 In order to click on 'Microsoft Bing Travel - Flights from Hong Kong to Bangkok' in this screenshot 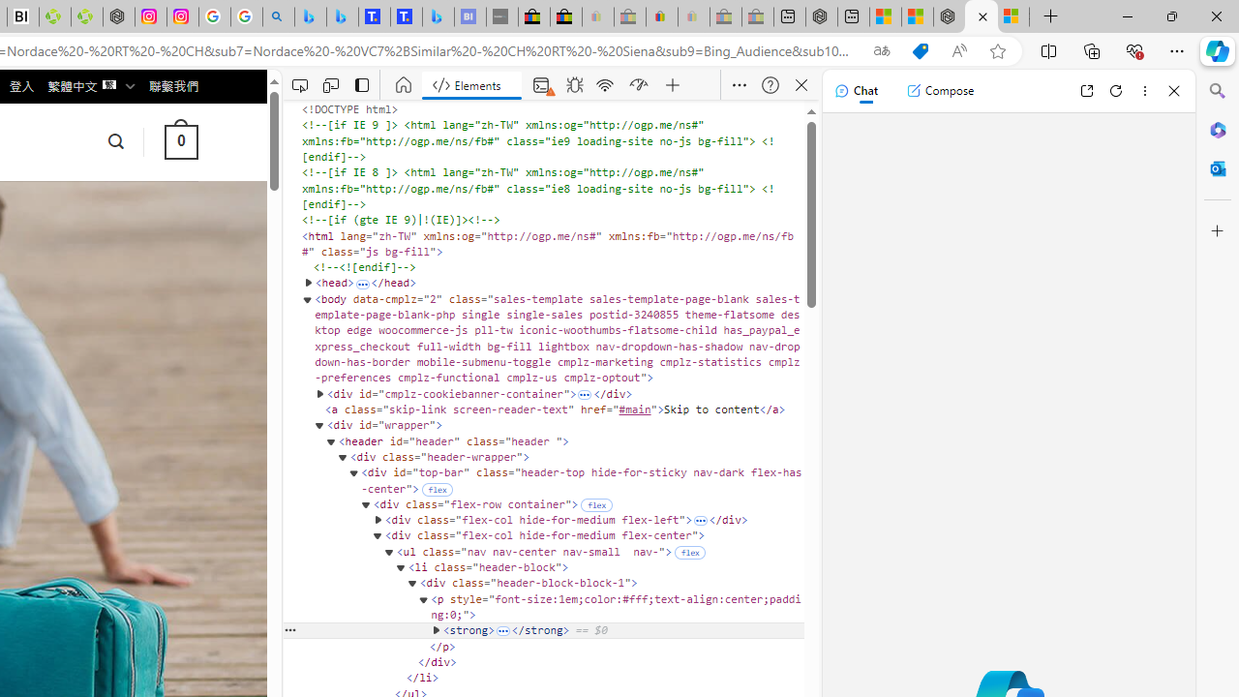, I will do `click(310, 16)`.